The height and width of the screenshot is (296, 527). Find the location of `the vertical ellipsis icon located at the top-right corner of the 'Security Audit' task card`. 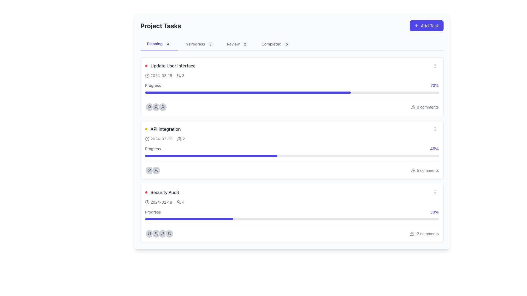

the vertical ellipsis icon located at the top-right corner of the 'Security Audit' task card is located at coordinates (435, 192).